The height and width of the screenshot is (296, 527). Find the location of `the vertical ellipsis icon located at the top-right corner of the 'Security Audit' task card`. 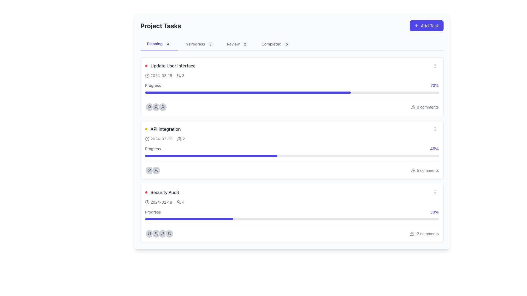

the vertical ellipsis icon located at the top-right corner of the 'Security Audit' task card is located at coordinates (435, 192).